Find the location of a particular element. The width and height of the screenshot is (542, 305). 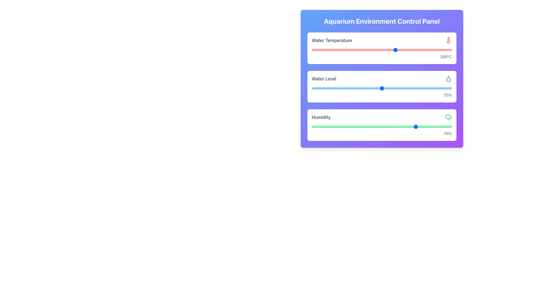

the slider on the interactive card displaying the water level (currently at 75%) is located at coordinates (382, 79).